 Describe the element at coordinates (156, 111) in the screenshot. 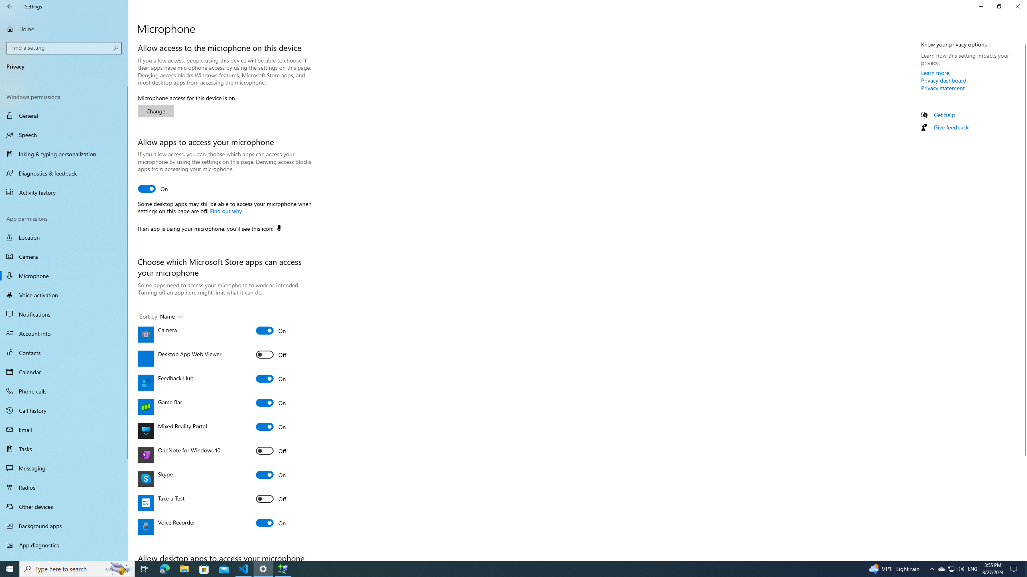

I see `'Change'` at that location.